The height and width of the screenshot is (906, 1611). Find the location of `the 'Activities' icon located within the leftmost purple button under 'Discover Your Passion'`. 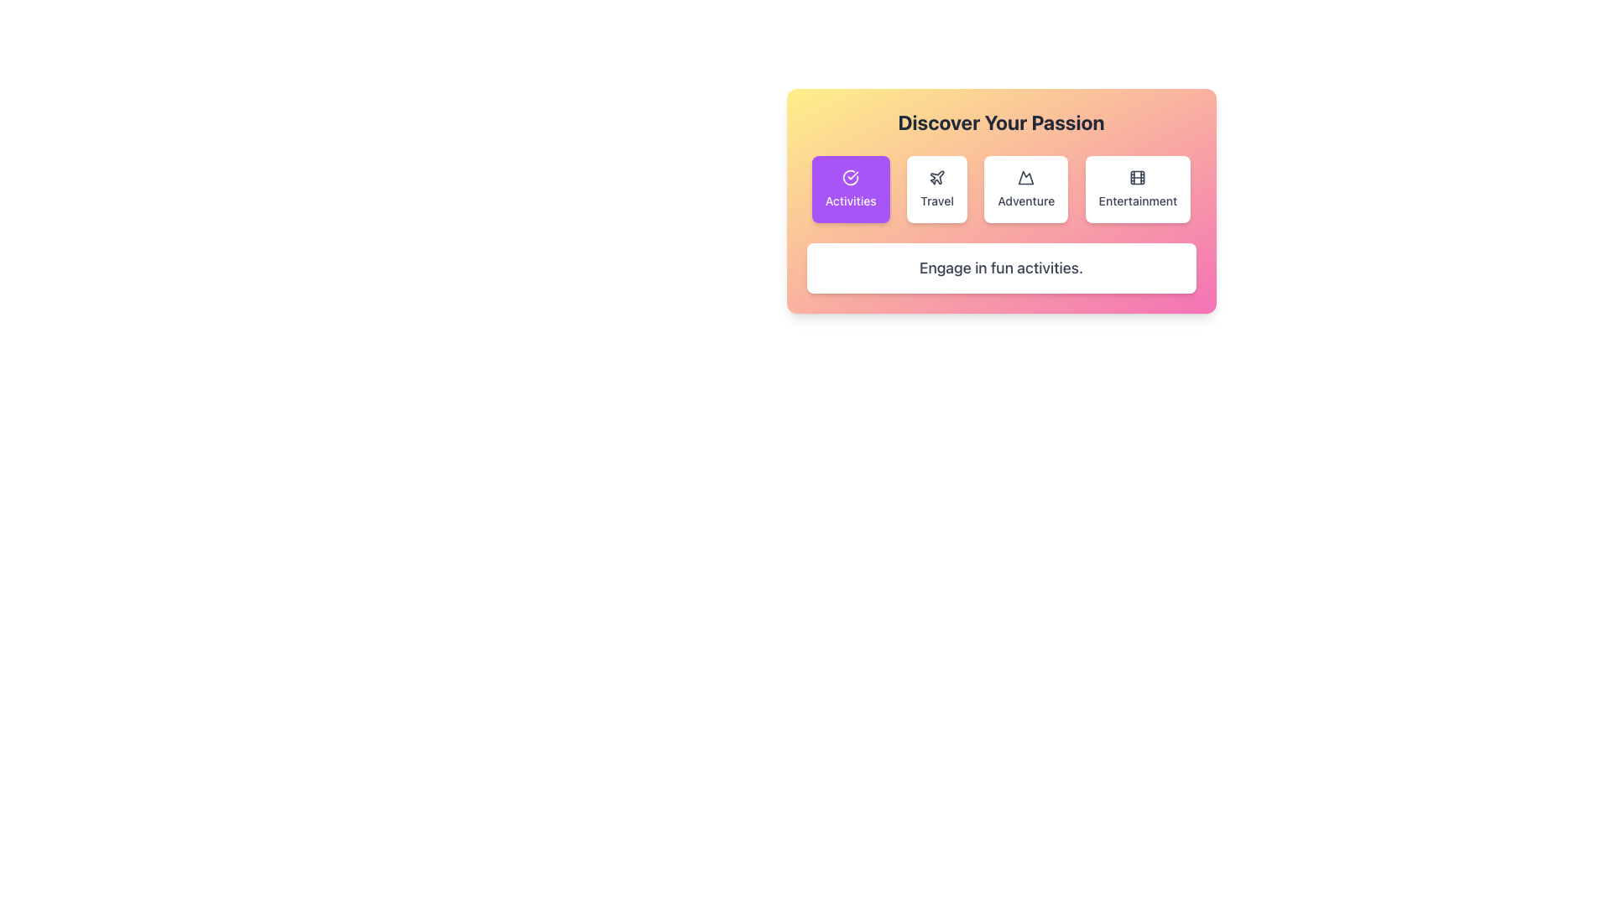

the 'Activities' icon located within the leftmost purple button under 'Discover Your Passion' is located at coordinates (851, 178).